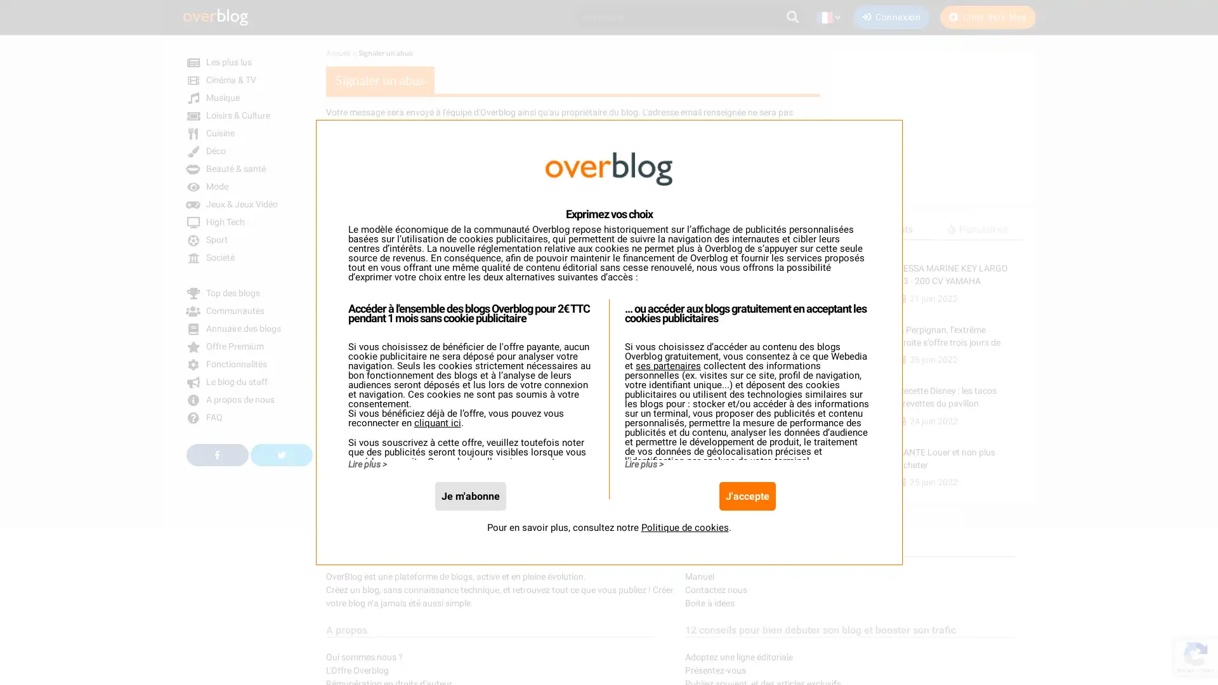 The image size is (1218, 685). What do you see at coordinates (469, 495) in the screenshot?
I see `Je m'abonne` at bounding box center [469, 495].